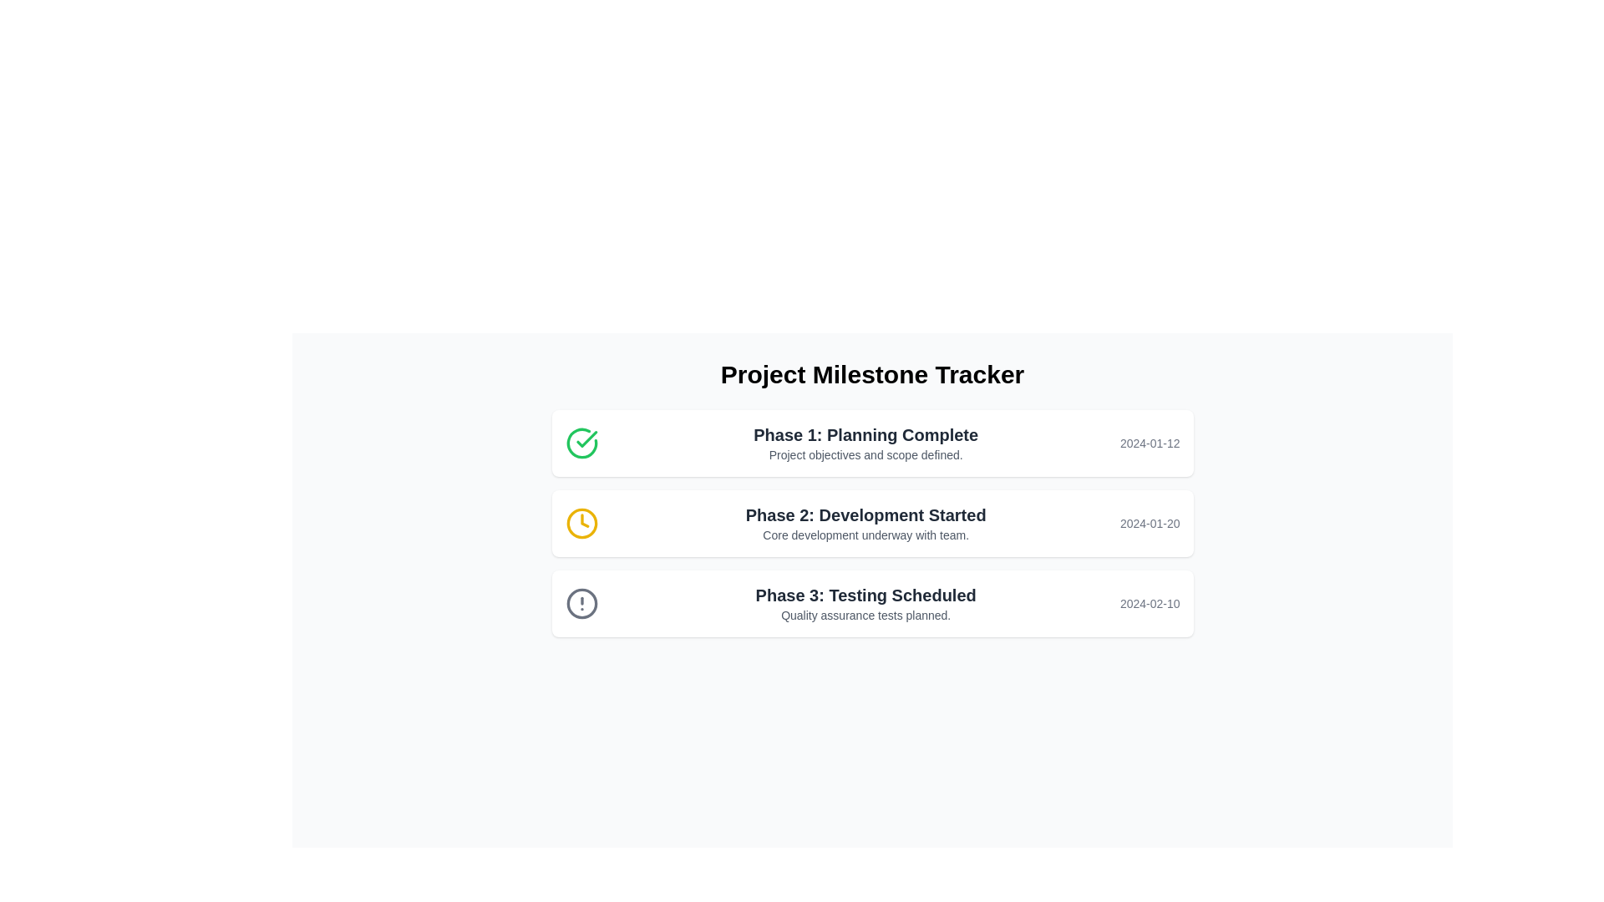  I want to click on the informational panel titled 'Phase 3: Testing Scheduled' to select the text within the card, so click(871, 603).